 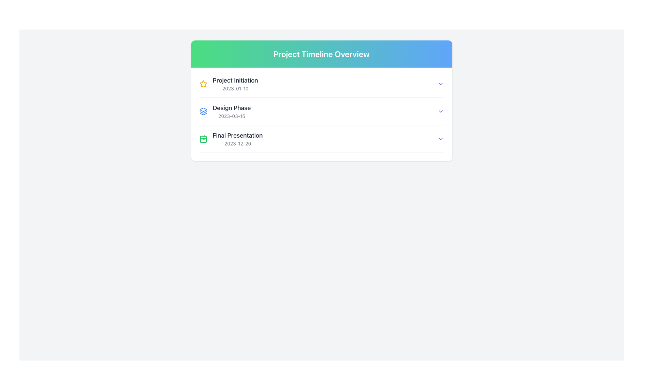 I want to click on the Text Label that displays the date for the 'Final Presentation' entry in the 'Project Timeline Overview', positioned under the text 'Final Presentation' and next to a calendar icon, so click(x=238, y=143).